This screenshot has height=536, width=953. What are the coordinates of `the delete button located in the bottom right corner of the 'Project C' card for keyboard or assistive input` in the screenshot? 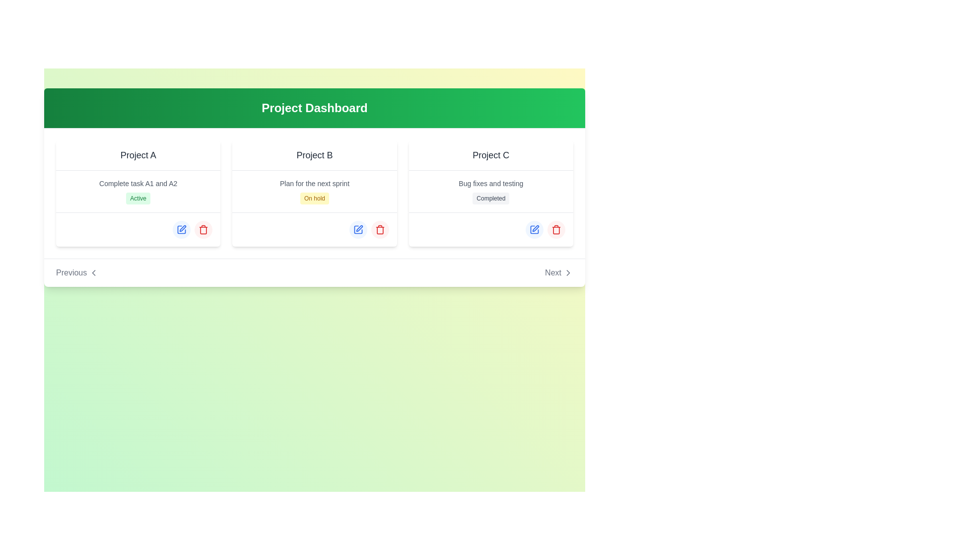 It's located at (556, 229).